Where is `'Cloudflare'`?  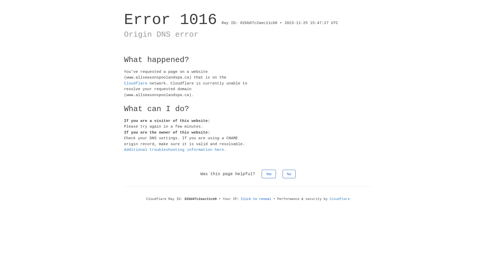
'Cloudflare' is located at coordinates (329, 198).